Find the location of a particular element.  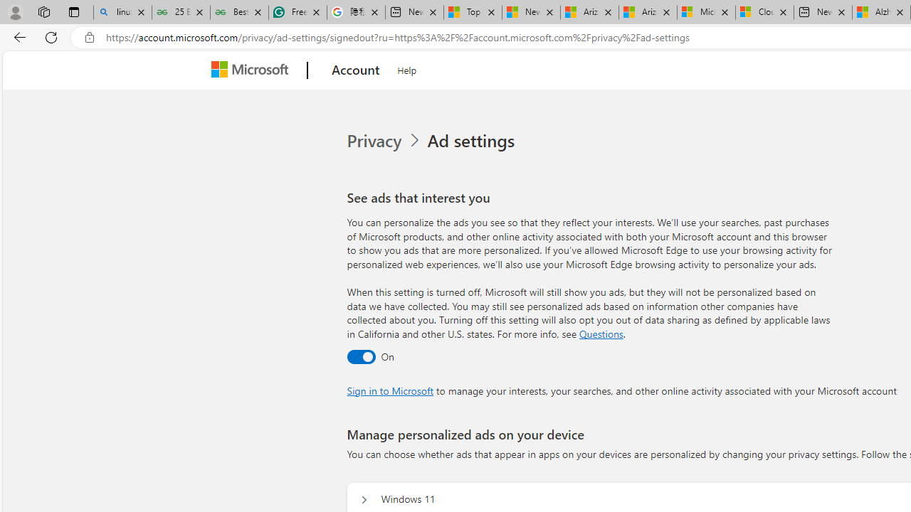

'Ad settings toggle' is located at coordinates (360, 356).